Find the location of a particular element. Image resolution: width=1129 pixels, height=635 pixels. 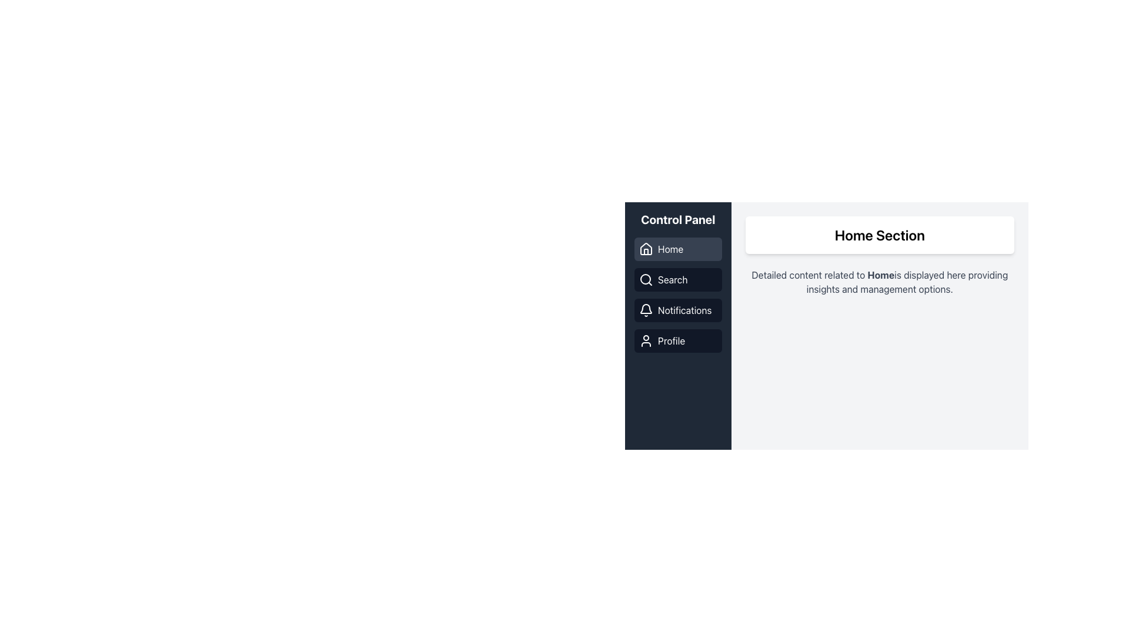

the 'Profile' button in the vertical navigation sidebar that features a user silhouette icon and a dark background is located at coordinates (678, 340).